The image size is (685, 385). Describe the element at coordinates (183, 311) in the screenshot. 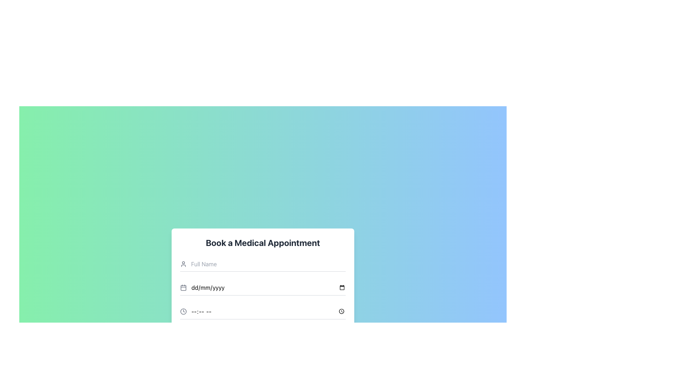

I see `the time-picker icon located to the left of the time input field in the 'Book a Medical Appointment' form` at that location.